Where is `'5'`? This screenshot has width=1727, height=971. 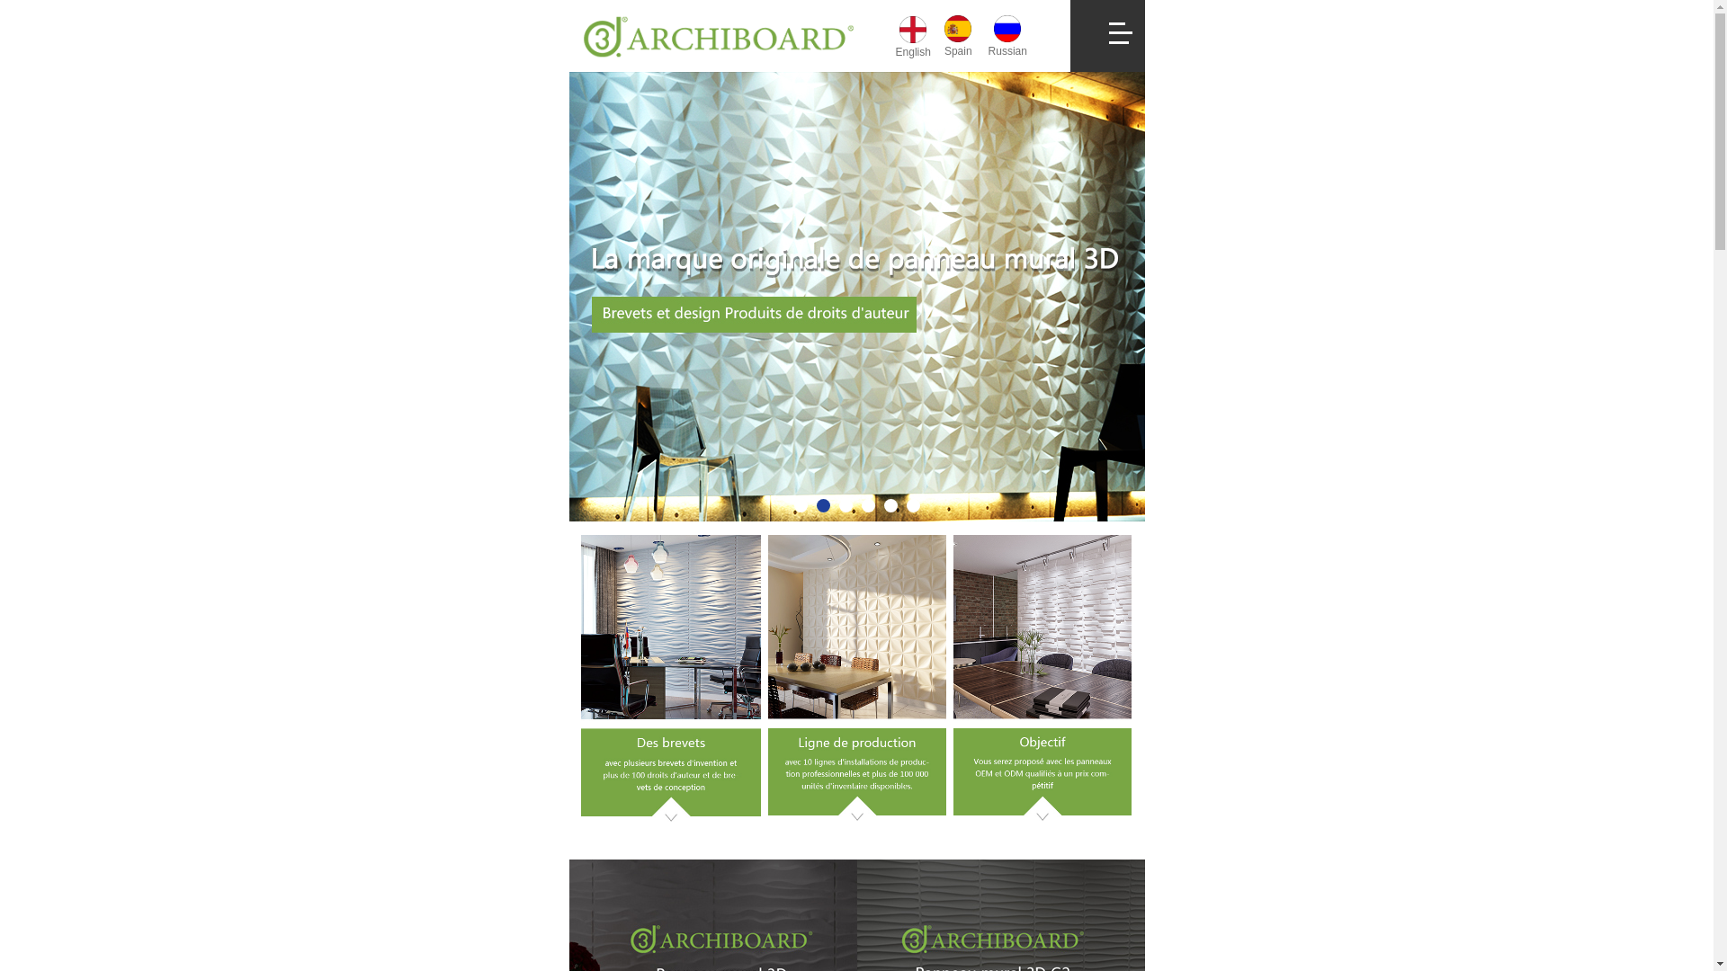 '5' is located at coordinates (883, 505).